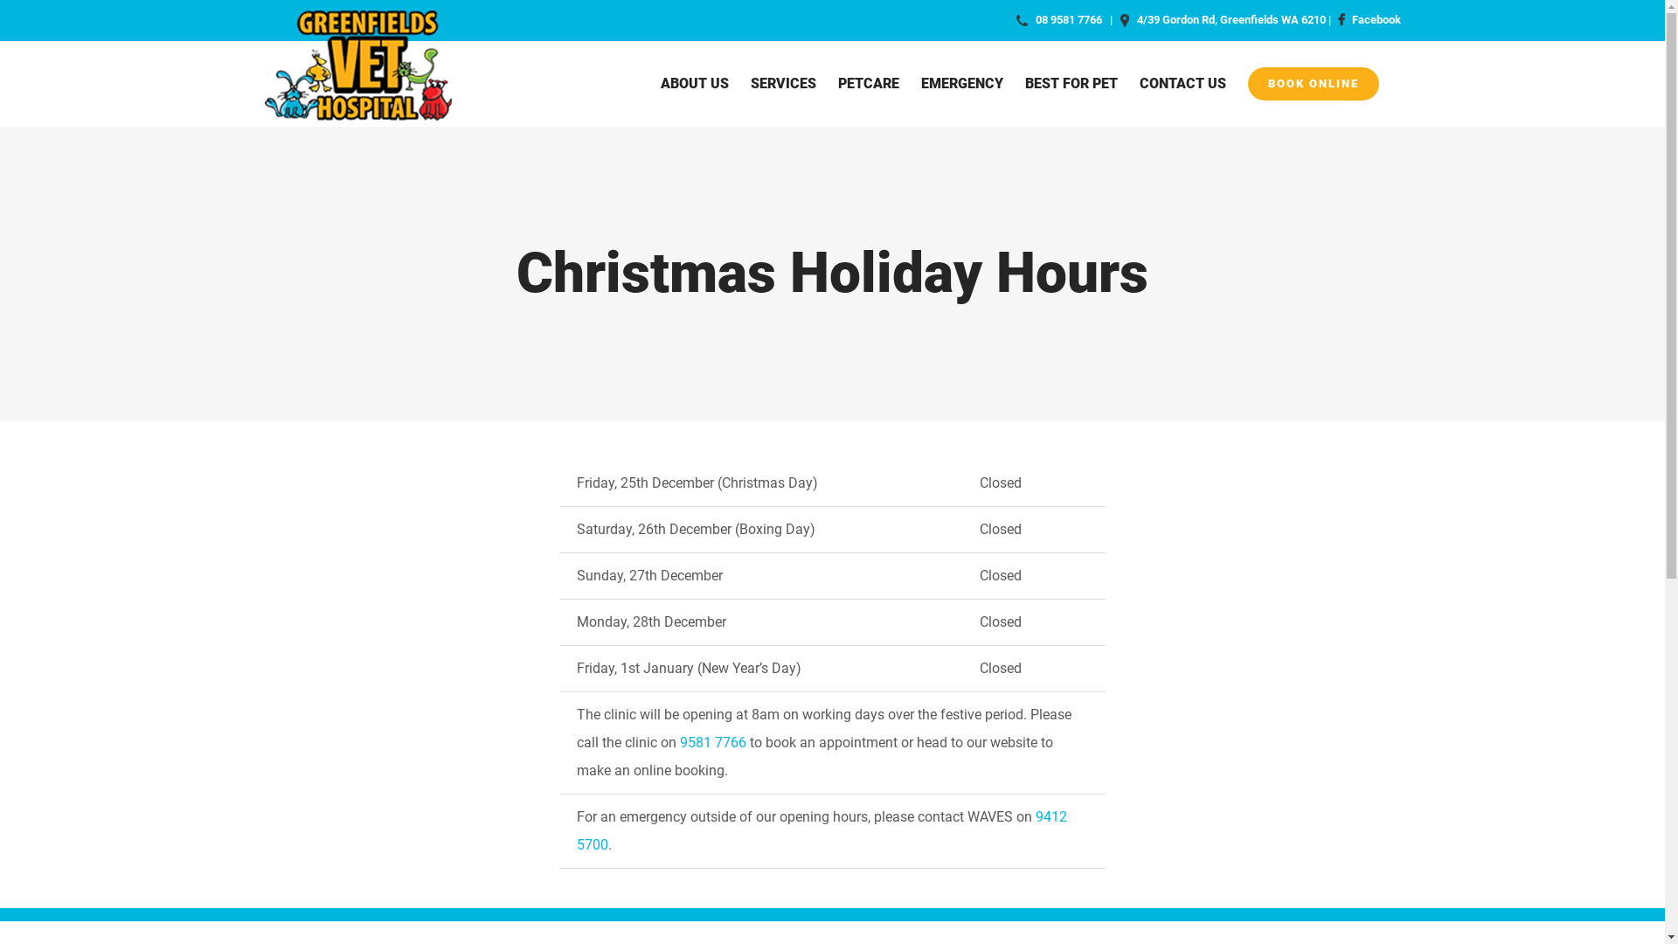  I want to click on 'EMERGENCY', so click(920, 83).